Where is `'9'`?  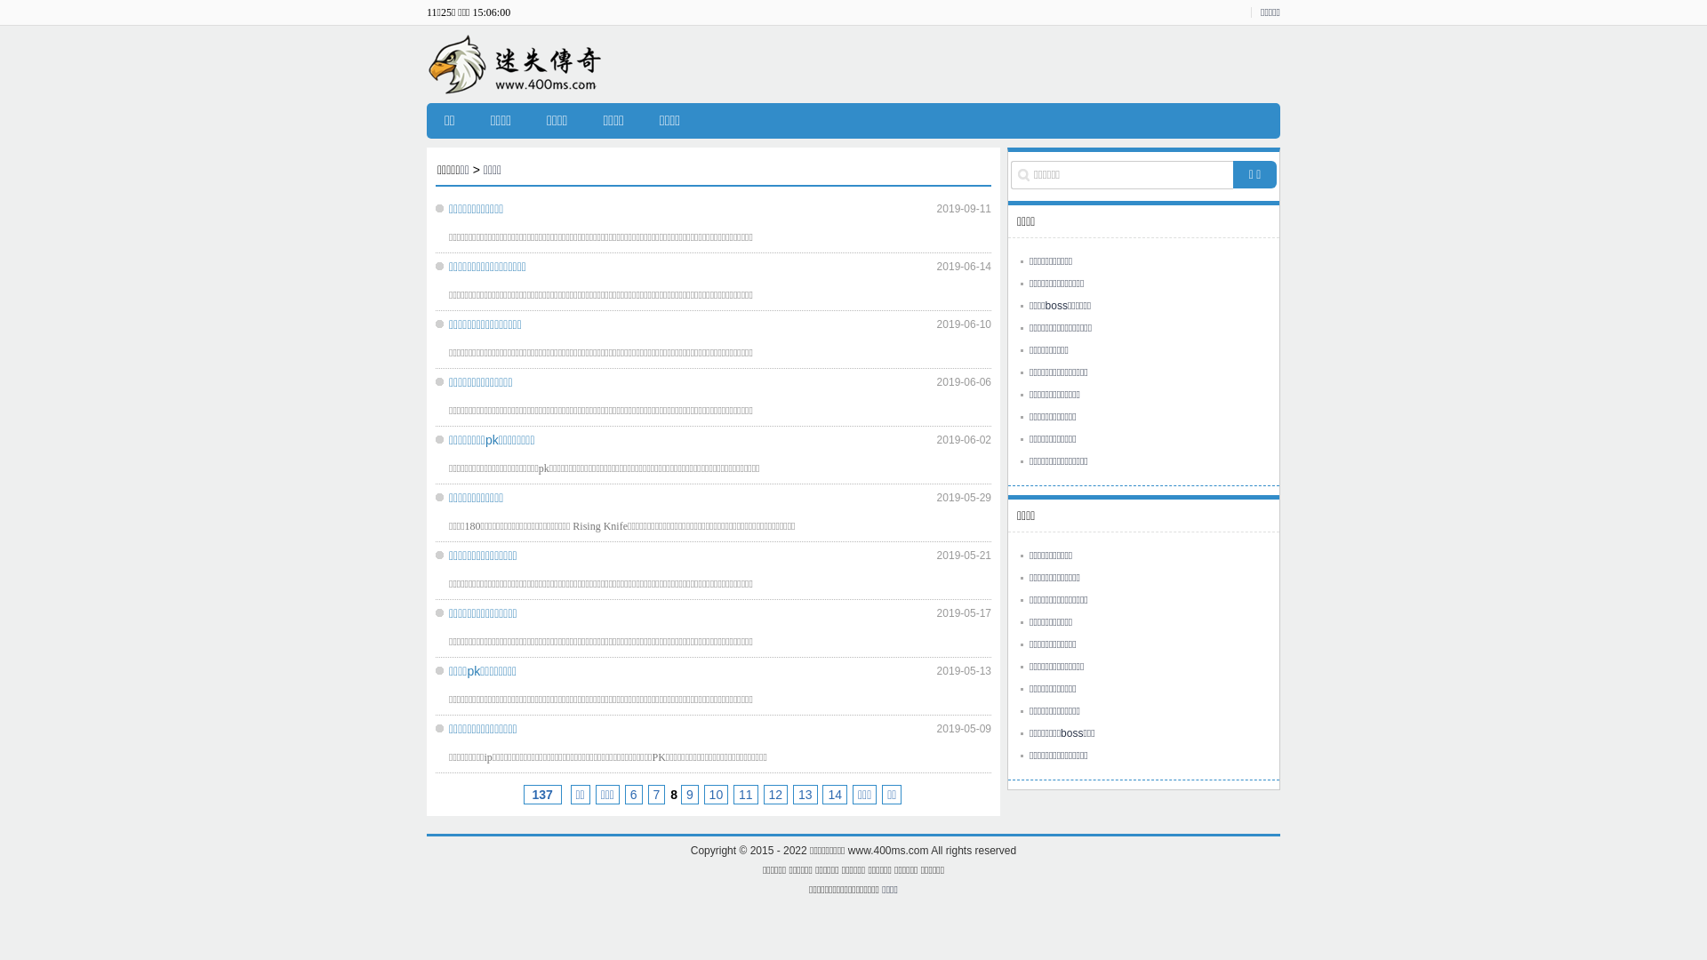
'9' is located at coordinates (689, 794).